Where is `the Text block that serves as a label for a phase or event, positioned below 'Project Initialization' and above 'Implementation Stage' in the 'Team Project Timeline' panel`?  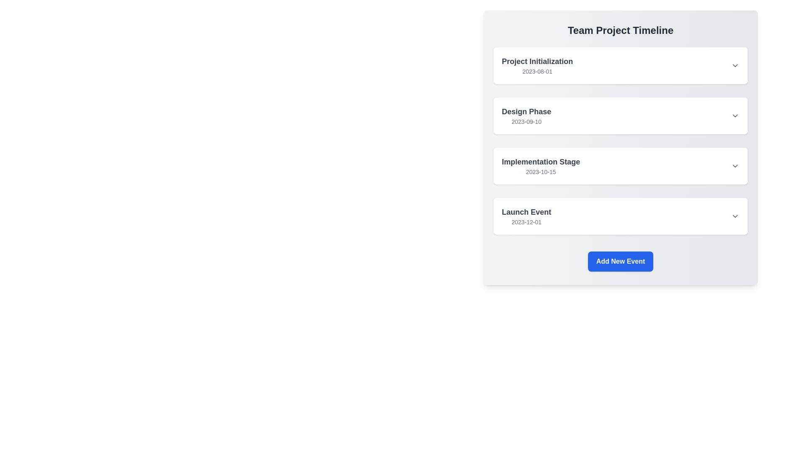
the Text block that serves as a label for a phase or event, positioned below 'Project Initialization' and above 'Implementation Stage' in the 'Team Project Timeline' panel is located at coordinates (526, 116).